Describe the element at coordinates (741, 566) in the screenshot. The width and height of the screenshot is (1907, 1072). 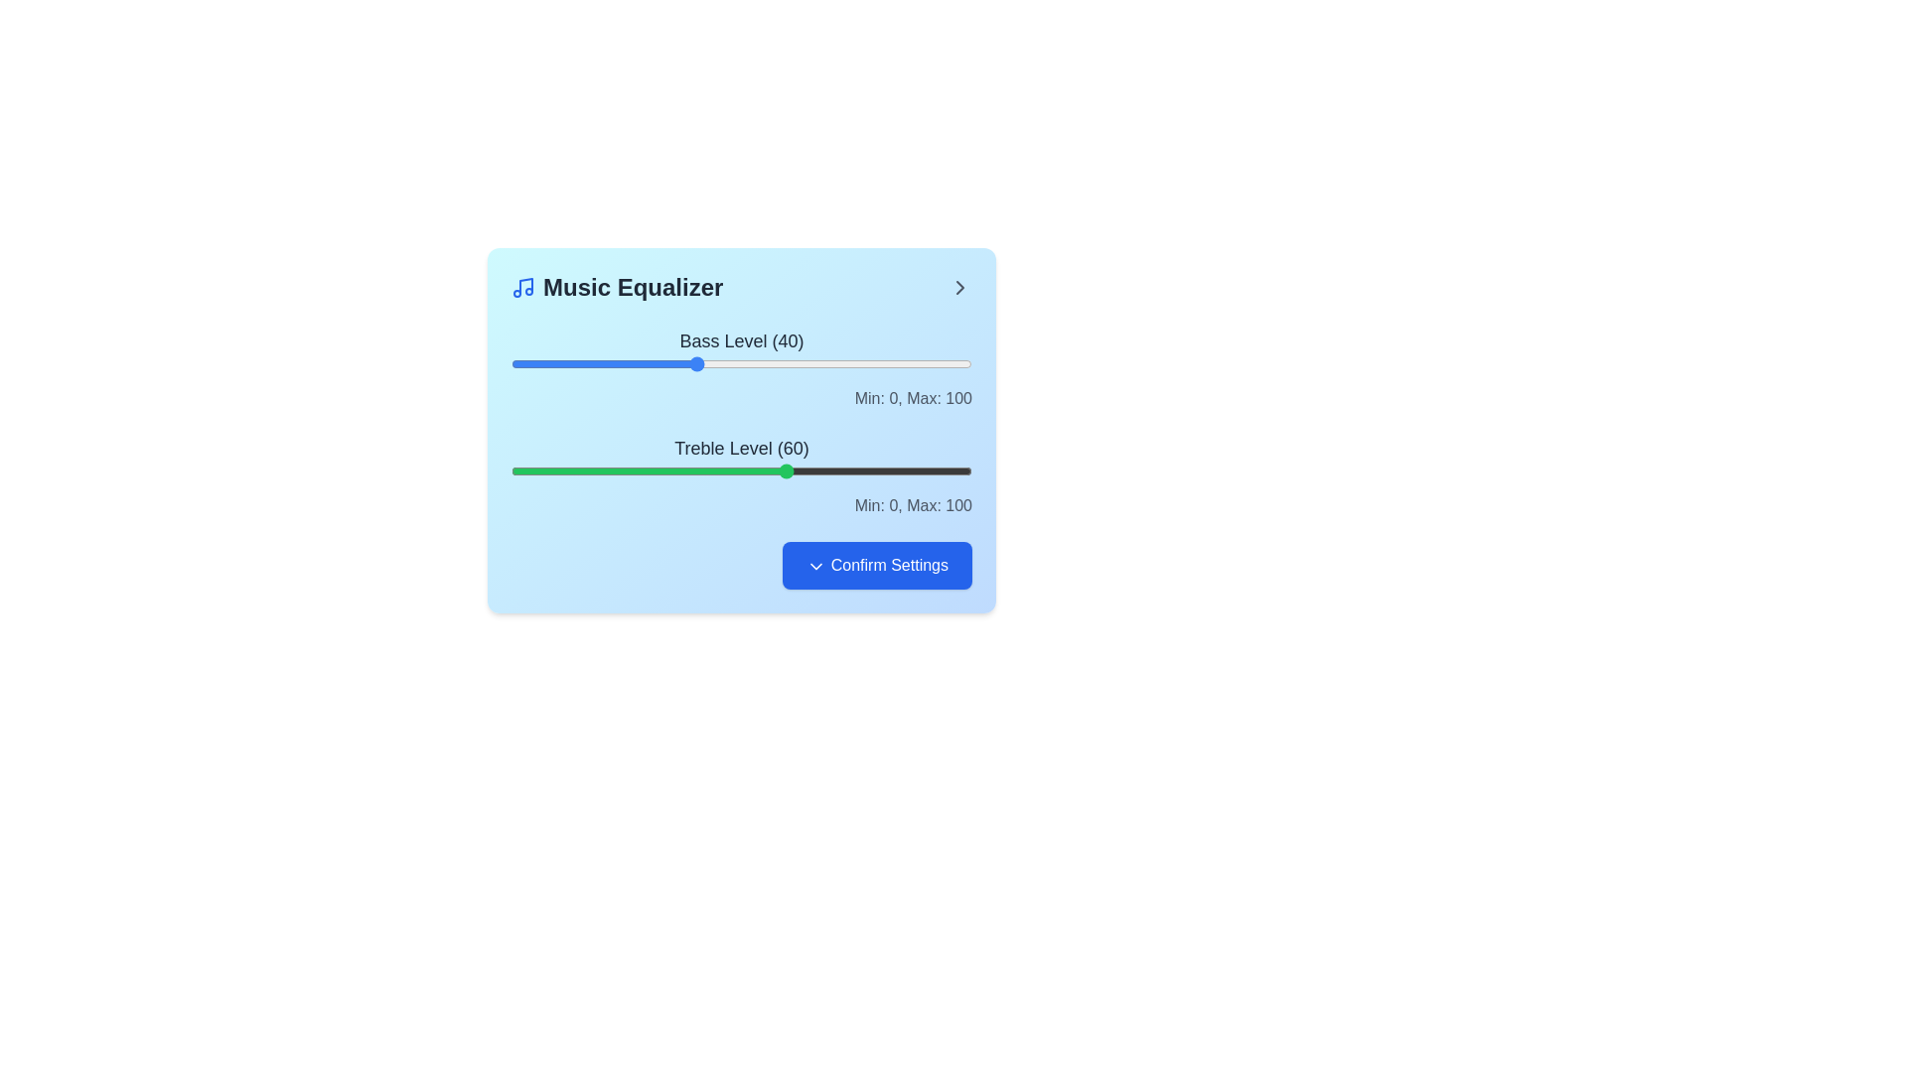
I see `the 'Confirm Settings' button with a downward-pointing chevron icon` at that location.